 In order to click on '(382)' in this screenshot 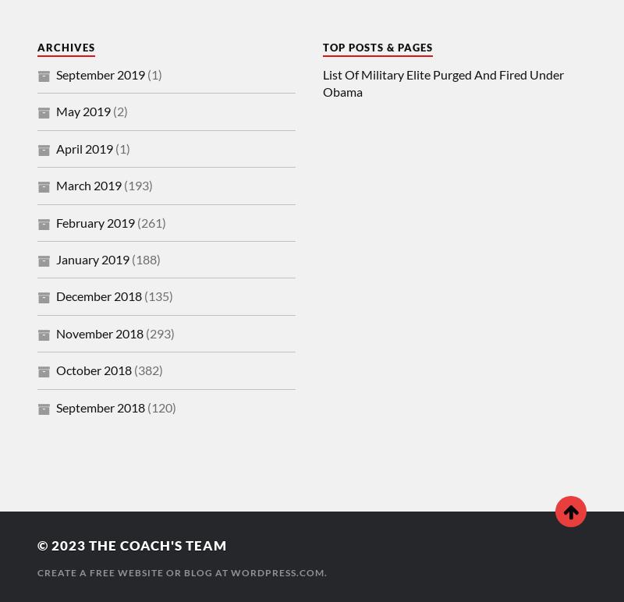, I will do `click(146, 370)`.